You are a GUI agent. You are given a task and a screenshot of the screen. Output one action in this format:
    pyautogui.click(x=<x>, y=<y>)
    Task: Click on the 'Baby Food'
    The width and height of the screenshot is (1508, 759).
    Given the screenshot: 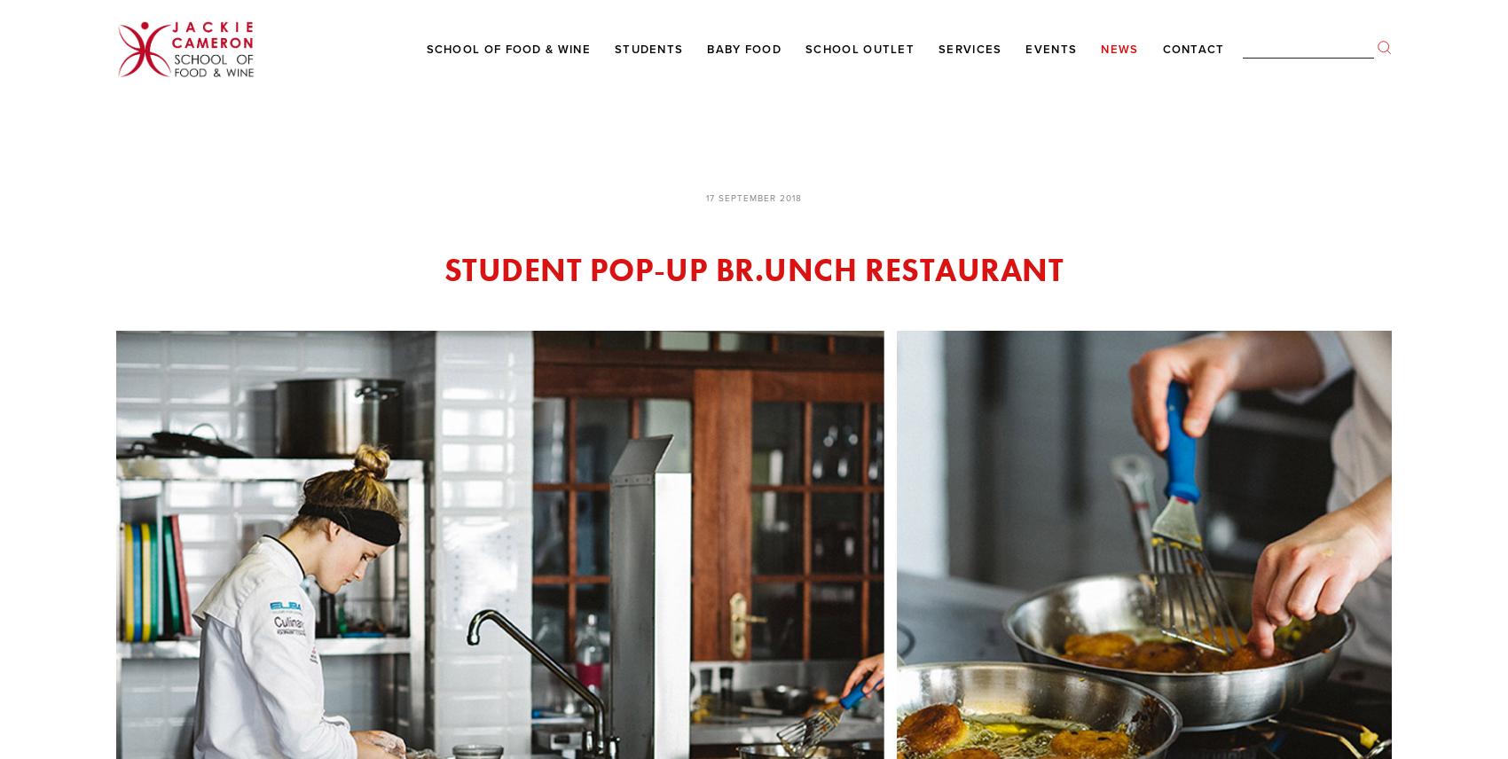 What is the action you would take?
    pyautogui.click(x=742, y=47)
    